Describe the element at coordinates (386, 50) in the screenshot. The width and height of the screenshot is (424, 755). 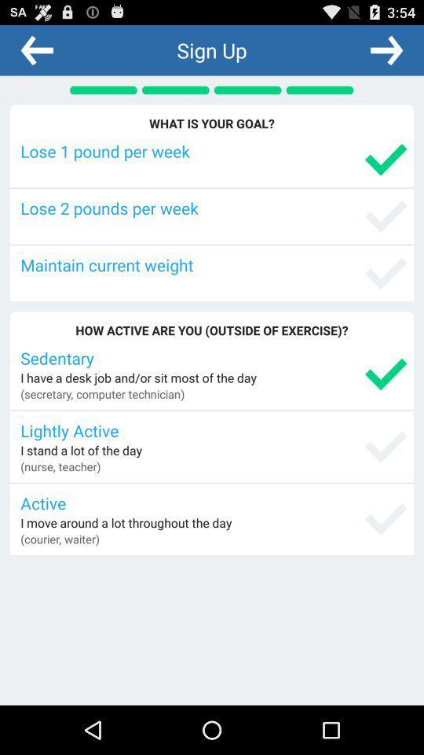
I see `autoplay option` at that location.